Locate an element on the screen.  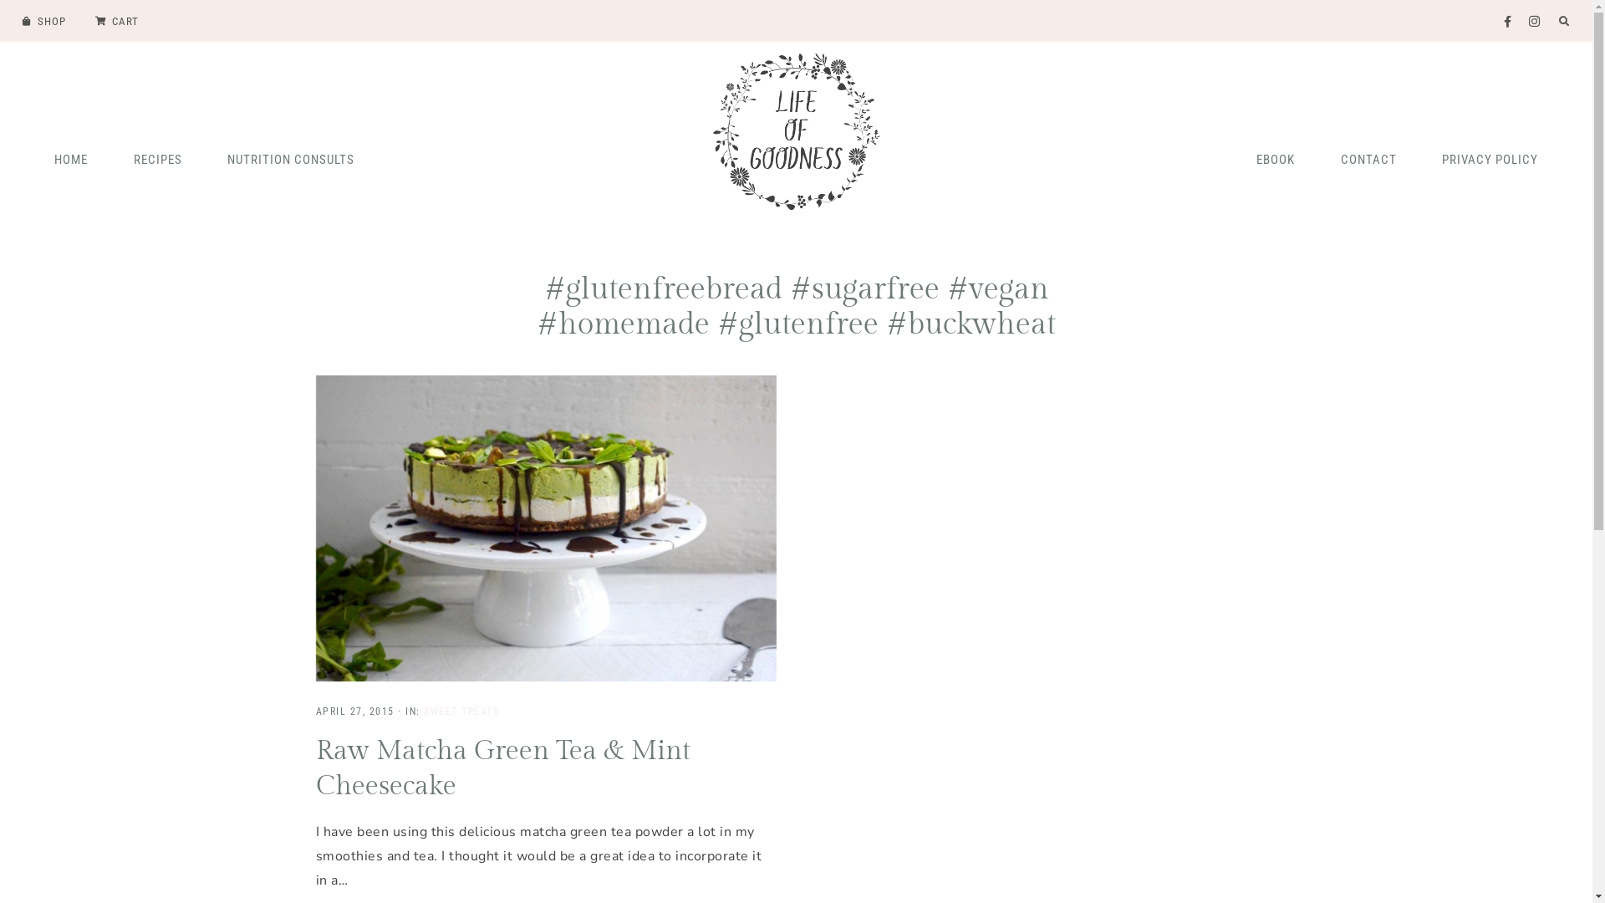
'EBOOK' is located at coordinates (1236, 158).